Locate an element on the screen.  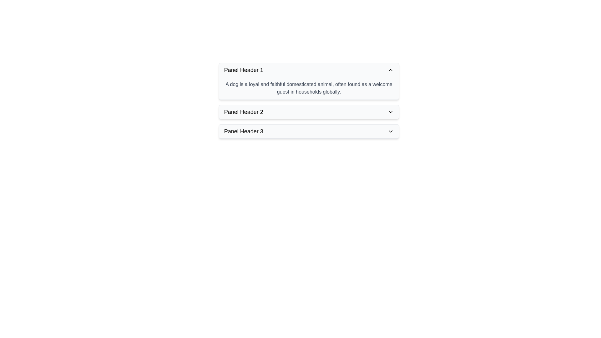
the downward-pointing chevron icon indicating toggle located at the right end of 'Panel Header 2' is located at coordinates (390, 112).